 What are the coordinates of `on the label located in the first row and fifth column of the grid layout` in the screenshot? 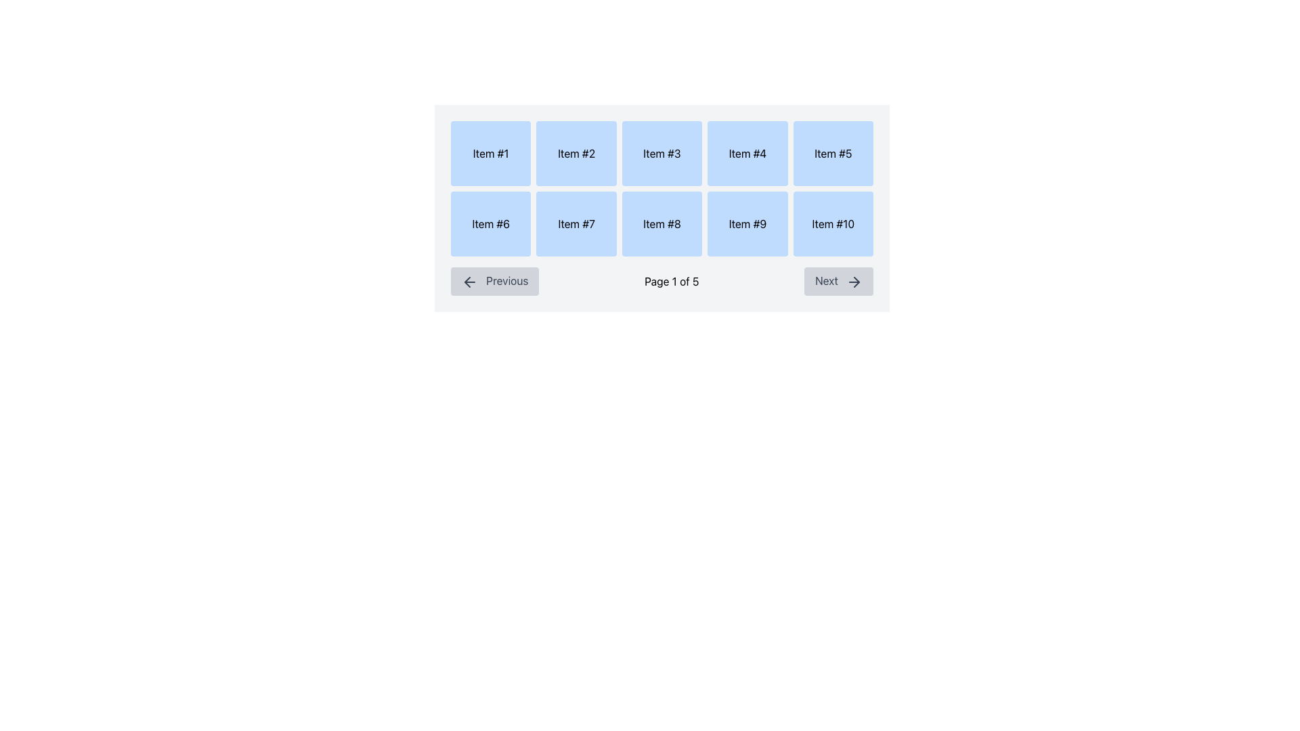 It's located at (832, 153).